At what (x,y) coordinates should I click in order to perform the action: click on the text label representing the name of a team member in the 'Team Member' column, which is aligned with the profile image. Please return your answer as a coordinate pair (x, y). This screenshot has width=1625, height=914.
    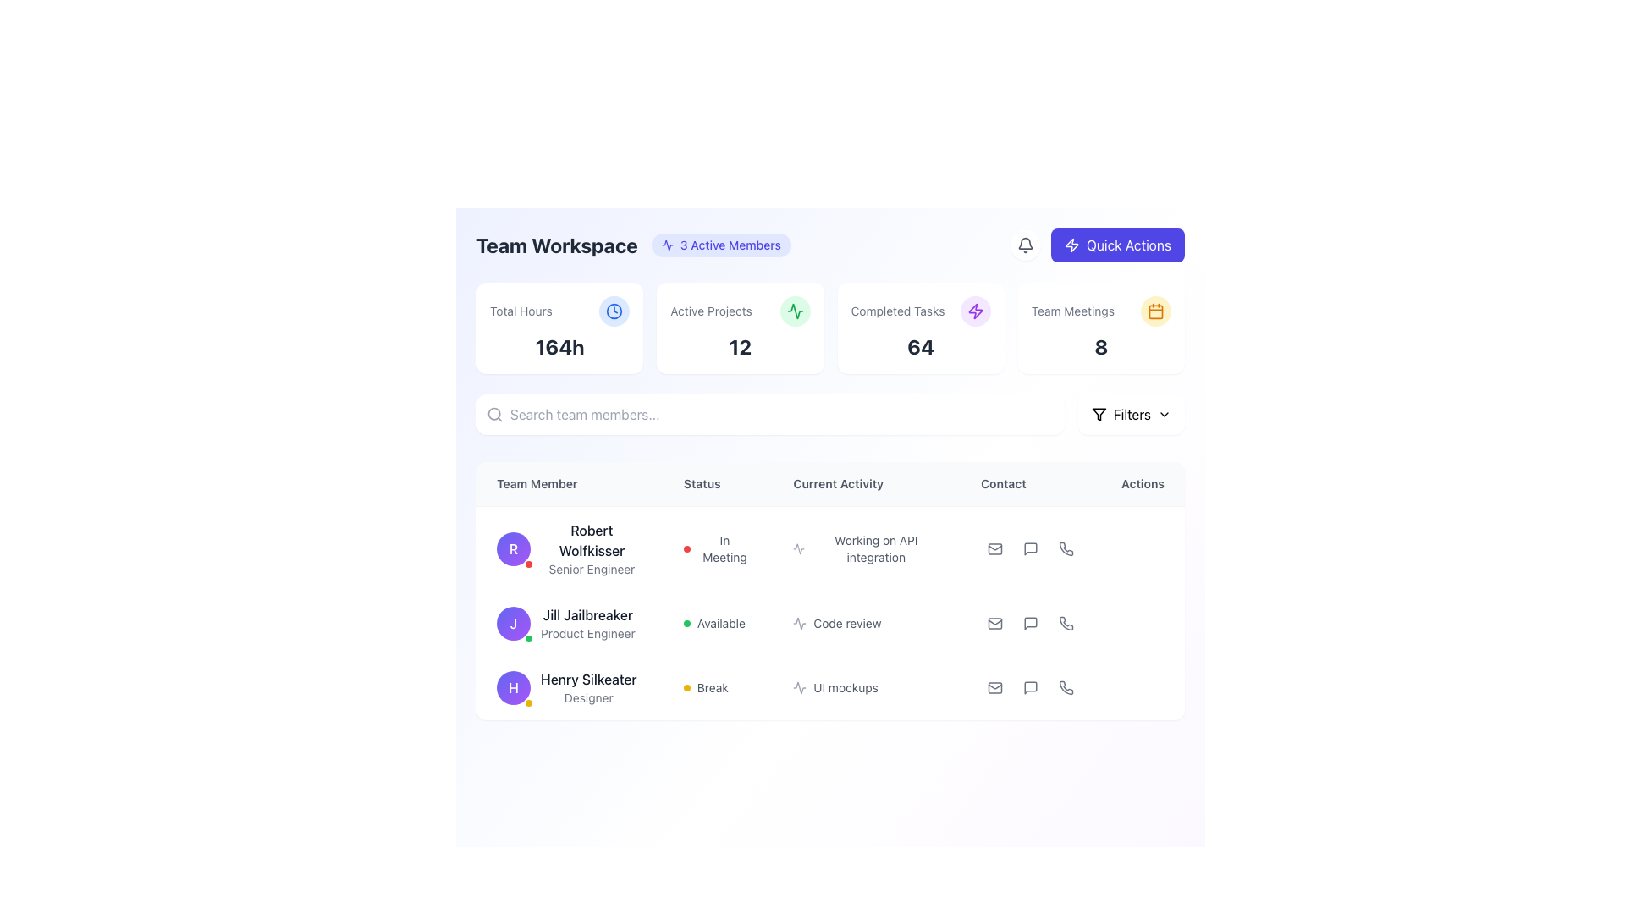
    Looking at the image, I should click on (588, 678).